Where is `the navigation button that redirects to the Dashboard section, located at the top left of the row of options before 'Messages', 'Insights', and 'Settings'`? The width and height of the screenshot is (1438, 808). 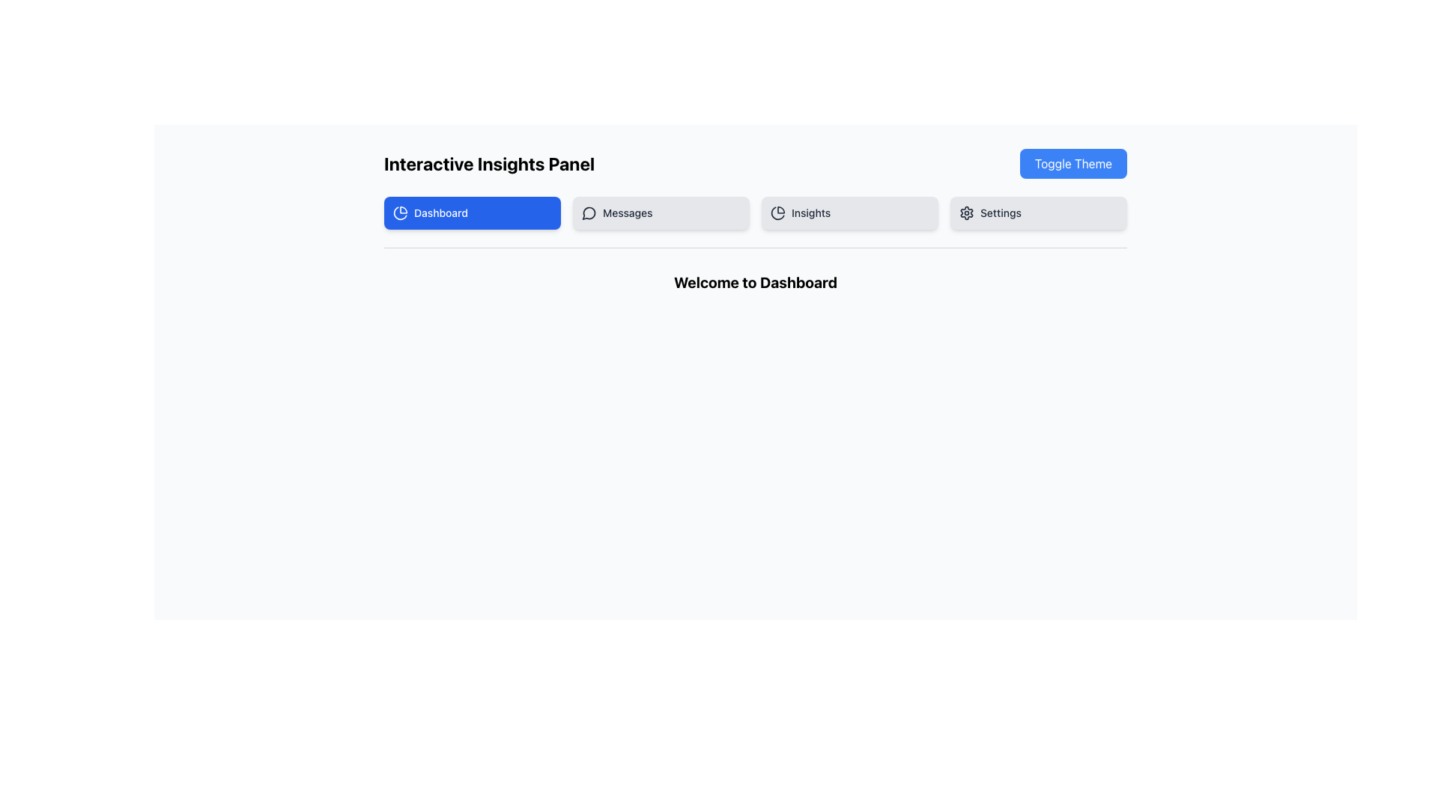
the navigation button that redirects to the Dashboard section, located at the top left of the row of options before 'Messages', 'Insights', and 'Settings' is located at coordinates (471, 213).